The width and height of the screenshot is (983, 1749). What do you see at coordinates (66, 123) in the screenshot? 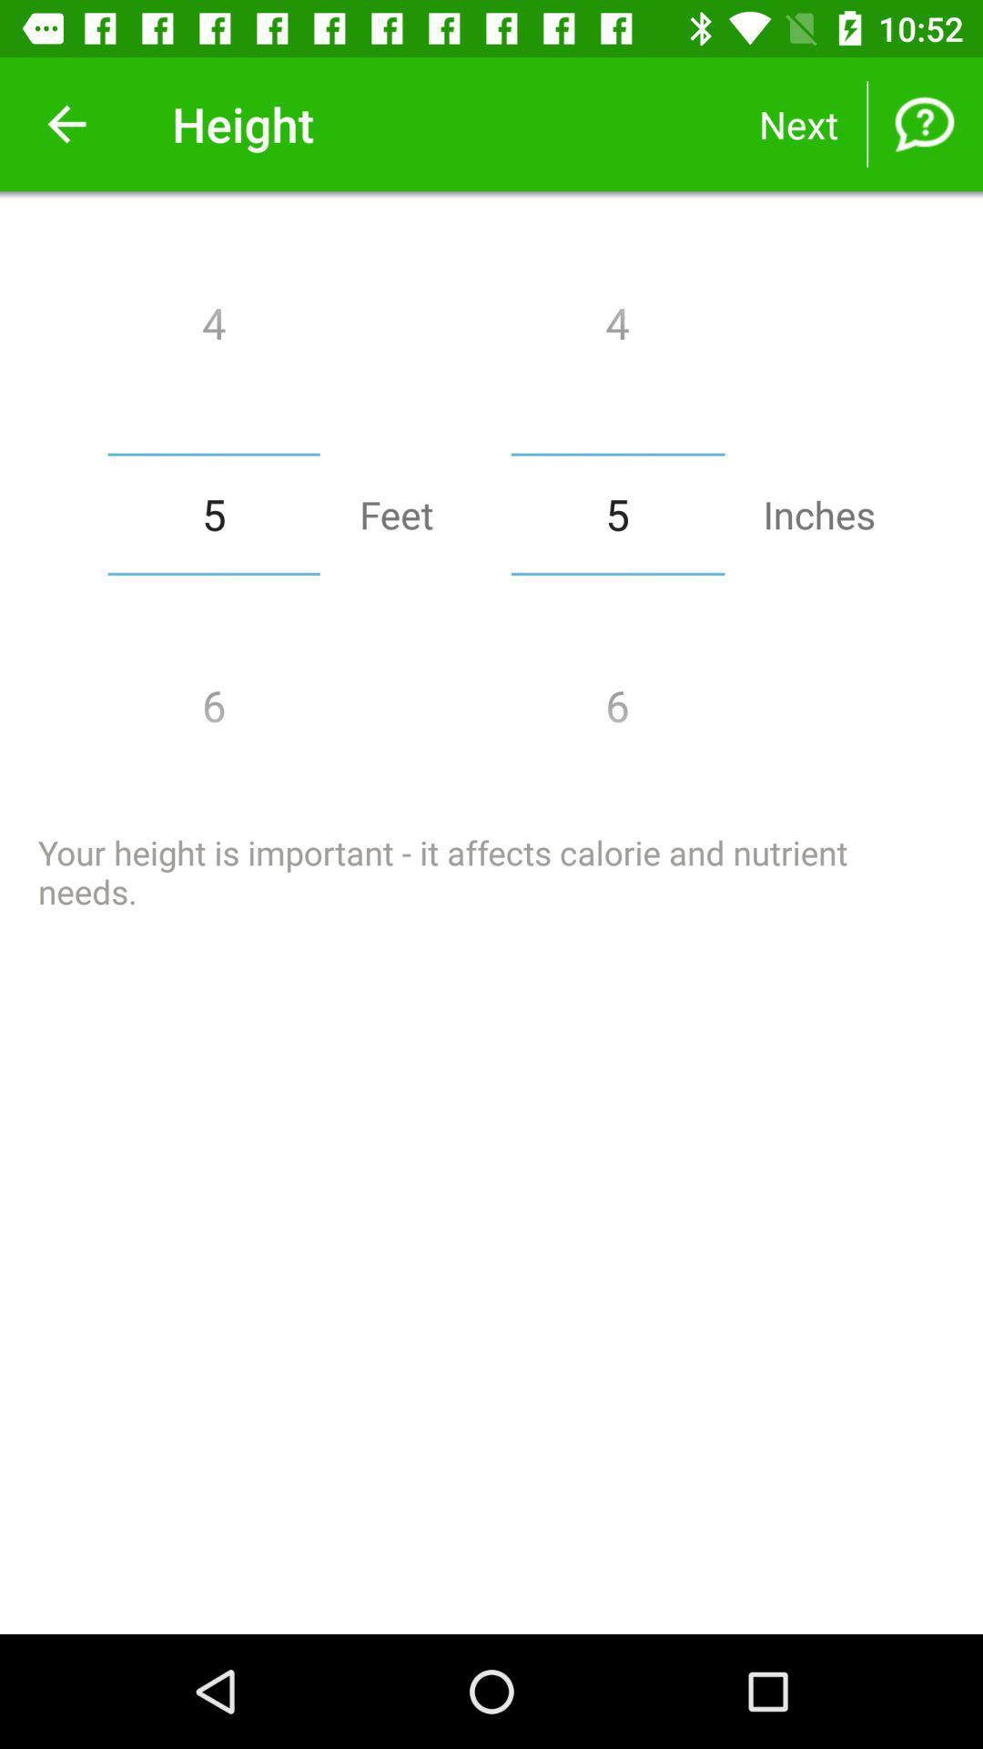
I see `icon next to the height` at bounding box center [66, 123].